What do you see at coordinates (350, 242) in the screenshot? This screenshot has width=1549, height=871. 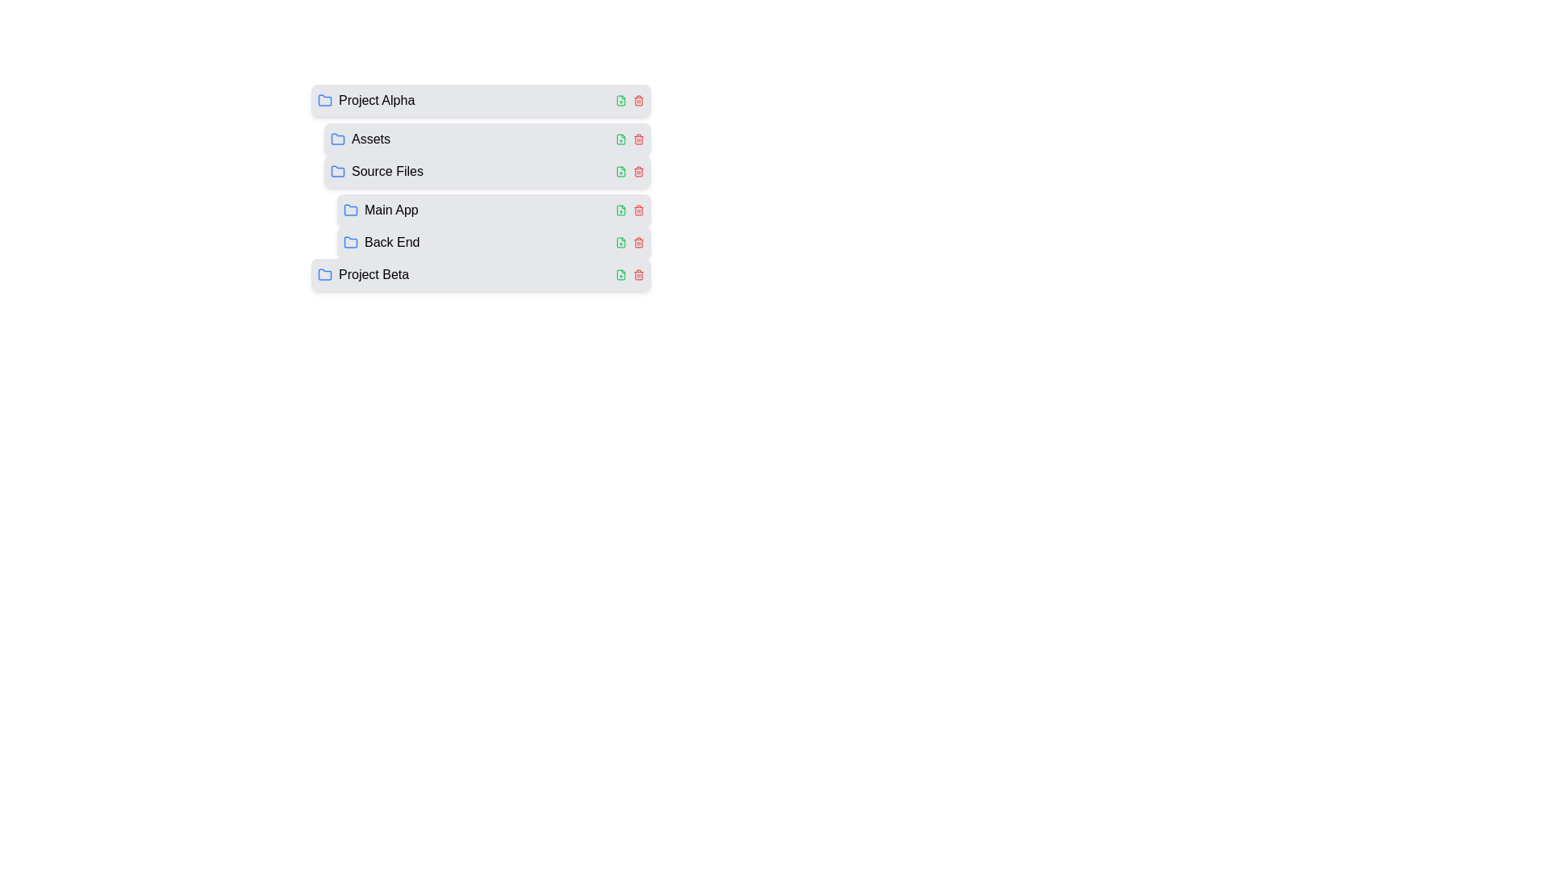 I see `the folder icon with a light blue outline and white background, located to the left of the 'Back End' list item in the nested list view` at bounding box center [350, 242].